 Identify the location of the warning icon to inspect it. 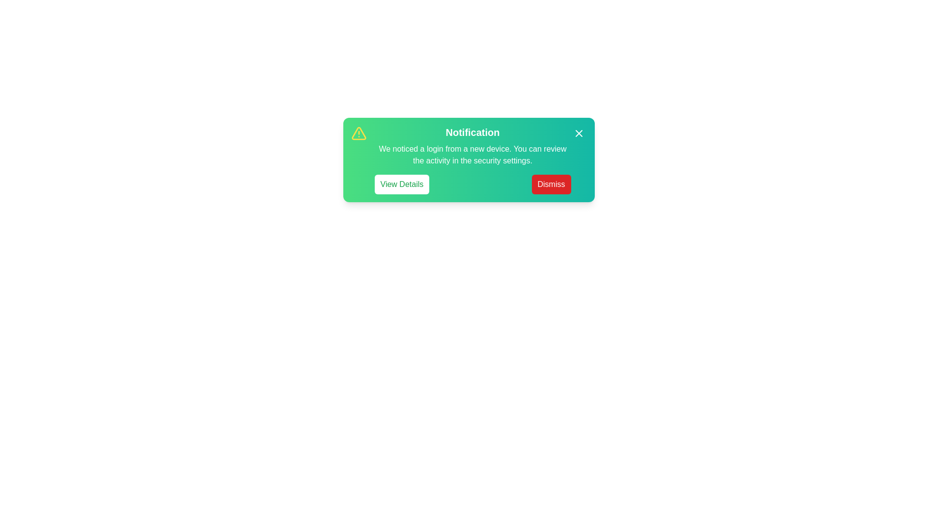
(358, 133).